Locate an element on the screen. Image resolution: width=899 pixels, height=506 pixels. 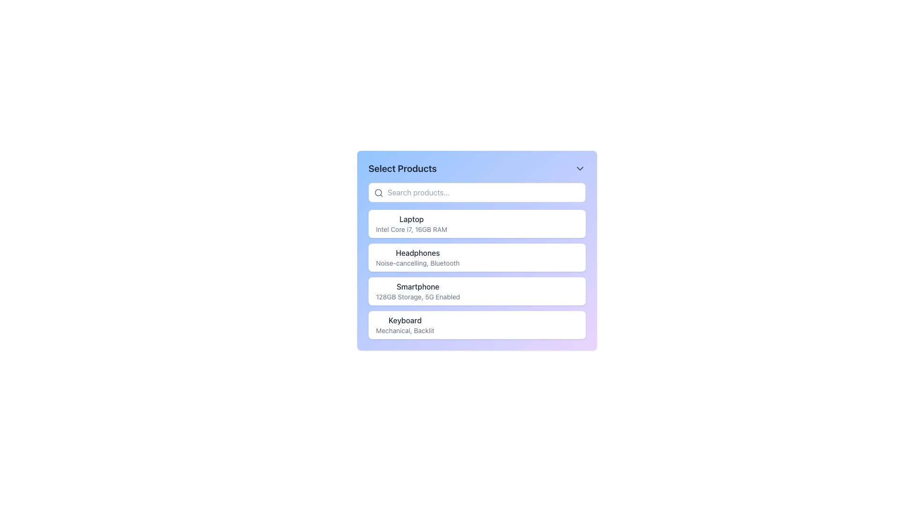
text information from the Text Label indicating a keyboard with mechanical and backlit features, which is the third item in a vertically stacked list within a card layout is located at coordinates (405, 325).